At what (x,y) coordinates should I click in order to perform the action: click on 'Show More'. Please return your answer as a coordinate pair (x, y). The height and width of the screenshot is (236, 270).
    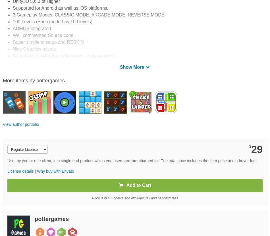
    Looking at the image, I should click on (132, 67).